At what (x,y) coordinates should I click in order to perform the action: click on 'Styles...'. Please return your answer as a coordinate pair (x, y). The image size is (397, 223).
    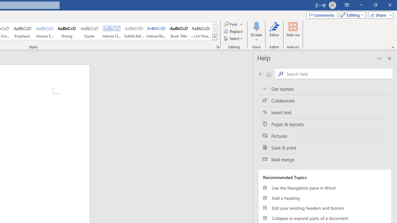
    Looking at the image, I should click on (218, 46).